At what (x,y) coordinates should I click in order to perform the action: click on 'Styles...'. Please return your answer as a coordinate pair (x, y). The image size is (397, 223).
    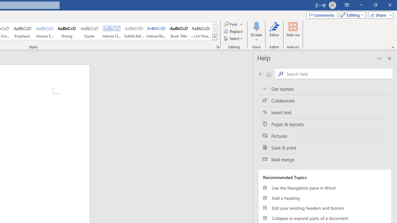
    Looking at the image, I should click on (218, 46).